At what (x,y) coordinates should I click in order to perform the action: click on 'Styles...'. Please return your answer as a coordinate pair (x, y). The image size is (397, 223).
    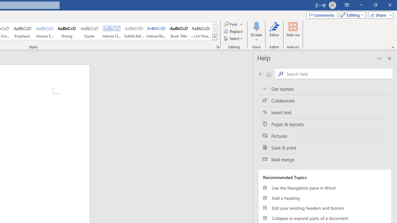
    Looking at the image, I should click on (218, 46).